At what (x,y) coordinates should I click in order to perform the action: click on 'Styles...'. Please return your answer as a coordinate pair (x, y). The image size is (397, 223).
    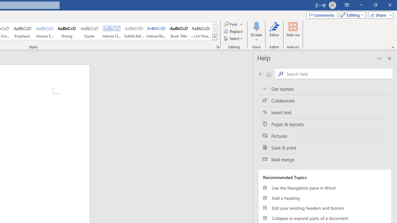
    Looking at the image, I should click on (218, 46).